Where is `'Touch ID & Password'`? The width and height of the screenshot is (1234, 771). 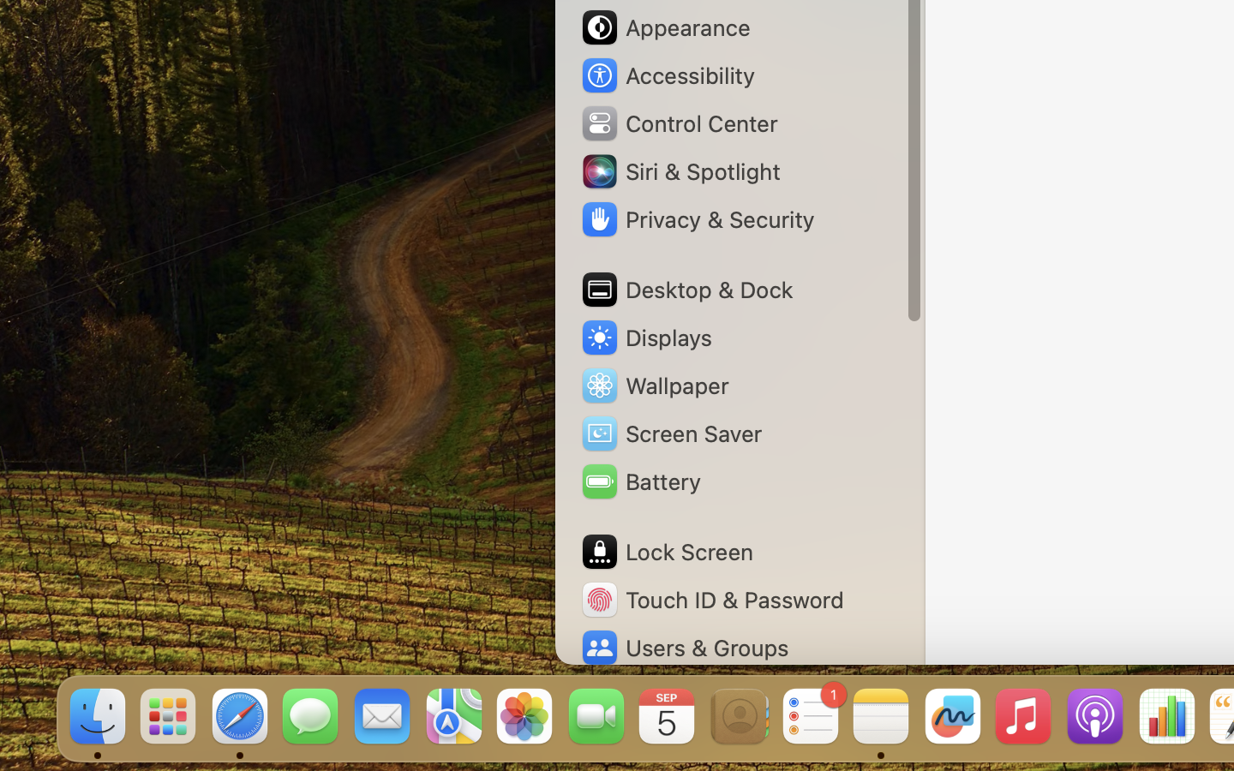 'Touch ID & Password' is located at coordinates (712, 599).